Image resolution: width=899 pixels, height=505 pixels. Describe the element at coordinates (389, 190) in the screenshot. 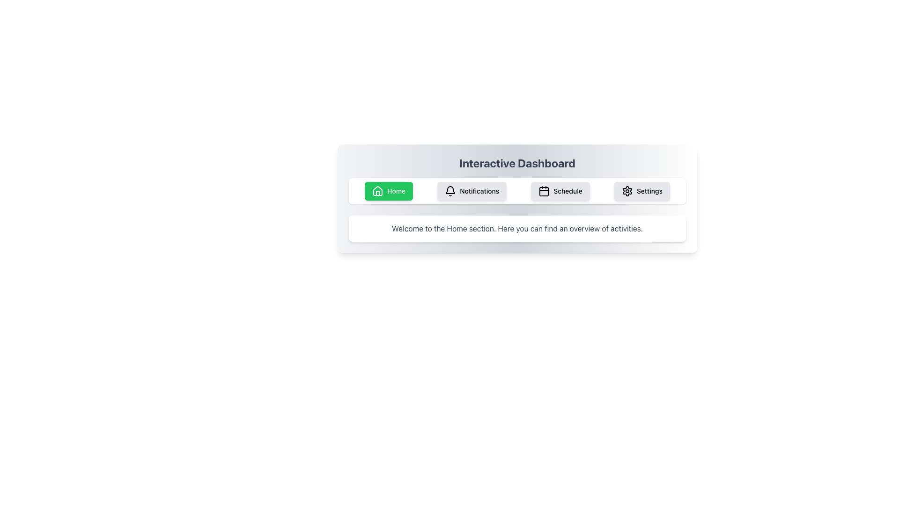

I see `the 'Home' button with a green background and white text, located in the top-left corner of the button group under the 'Interactive Dashboard' title` at that location.